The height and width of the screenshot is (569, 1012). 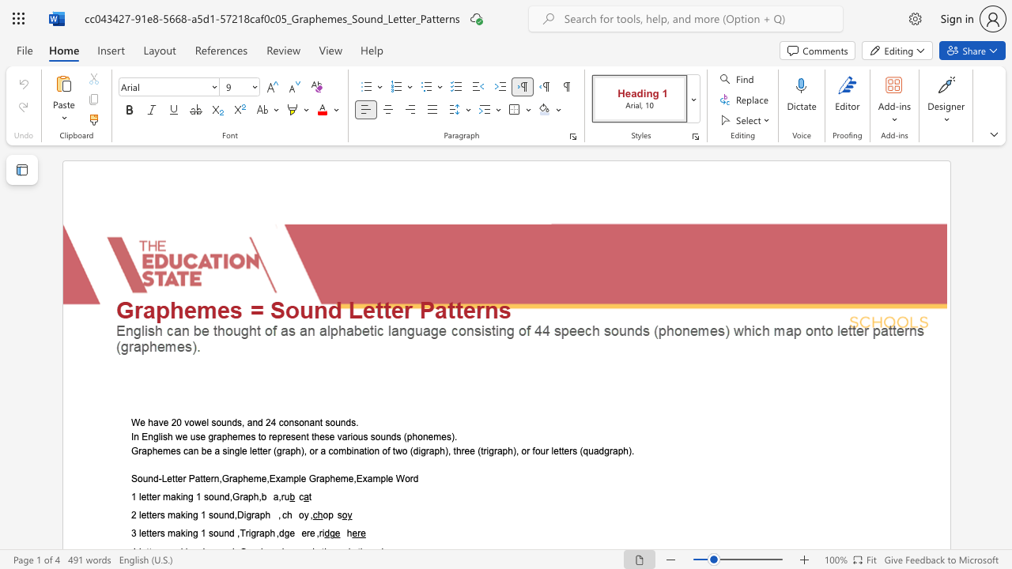 What do you see at coordinates (131, 450) in the screenshot?
I see `the subset text "Graphemes can be a single letter (graph)," within the text "Graphemes can be a single letter (graph), or a combination of two (digraph), three (trigraph), or four letters (quadgraph)."` at bounding box center [131, 450].